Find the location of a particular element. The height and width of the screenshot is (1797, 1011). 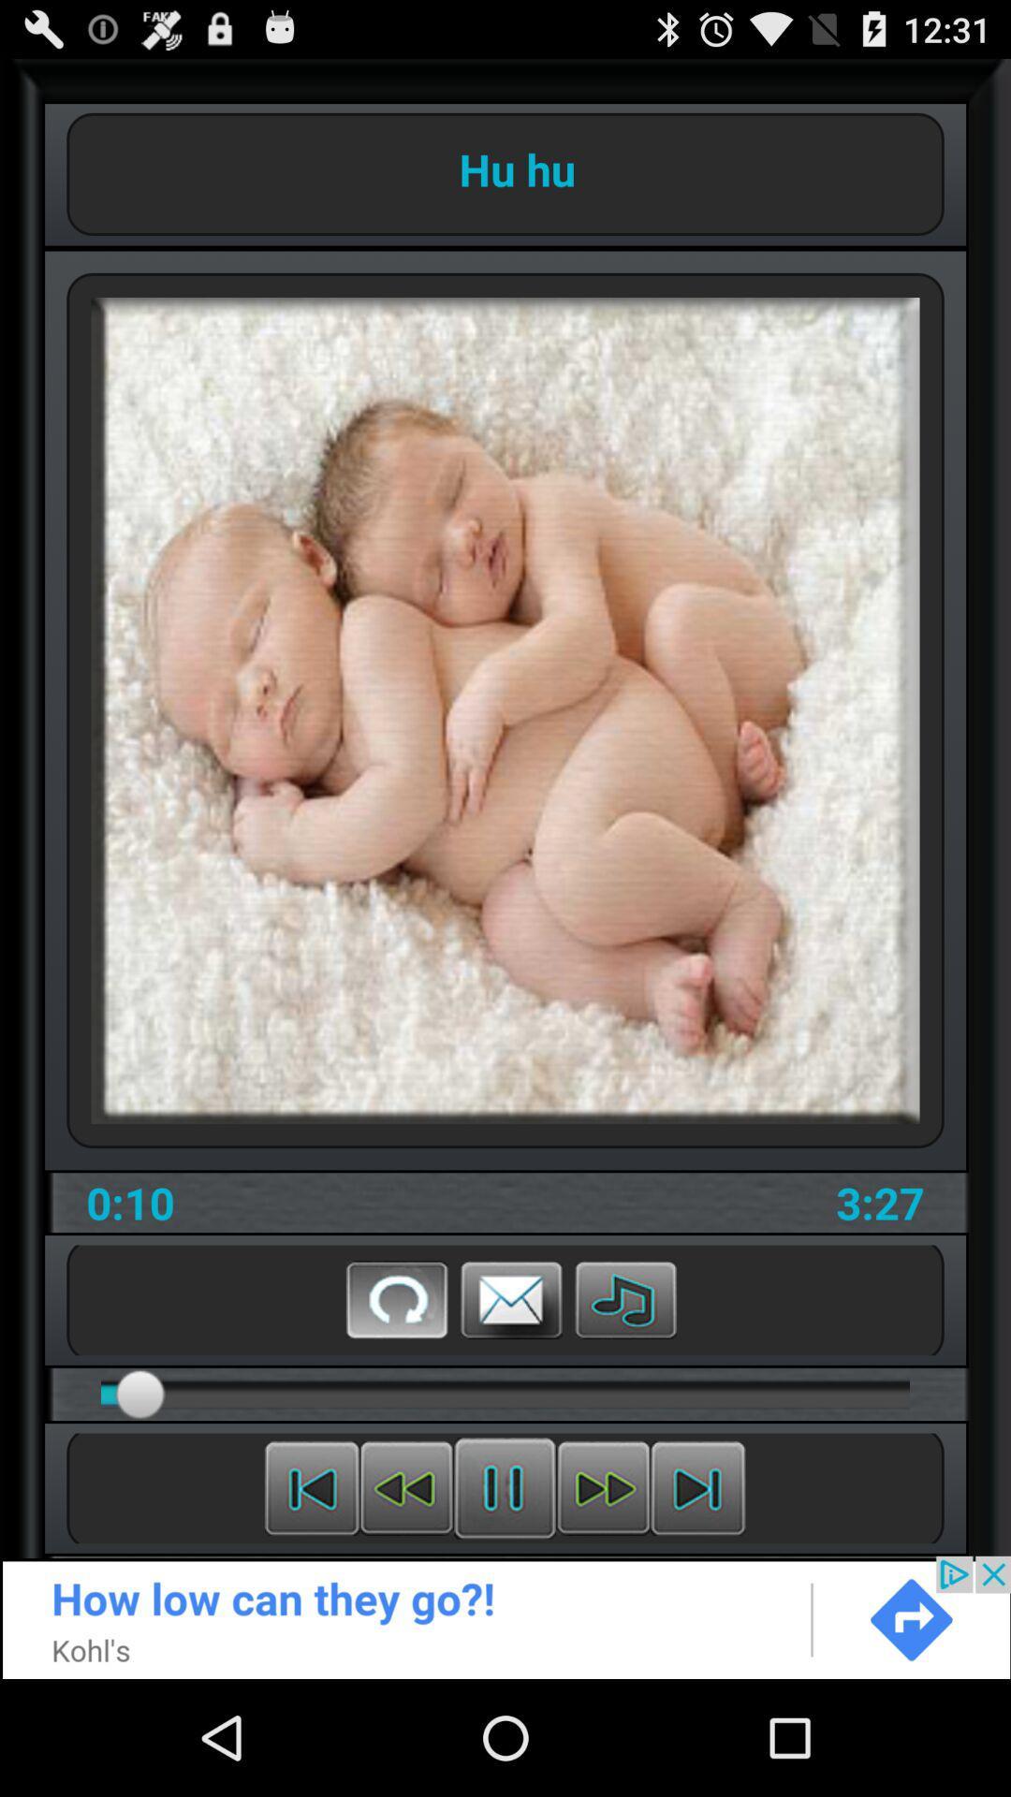

previous is located at coordinates (405, 1487).